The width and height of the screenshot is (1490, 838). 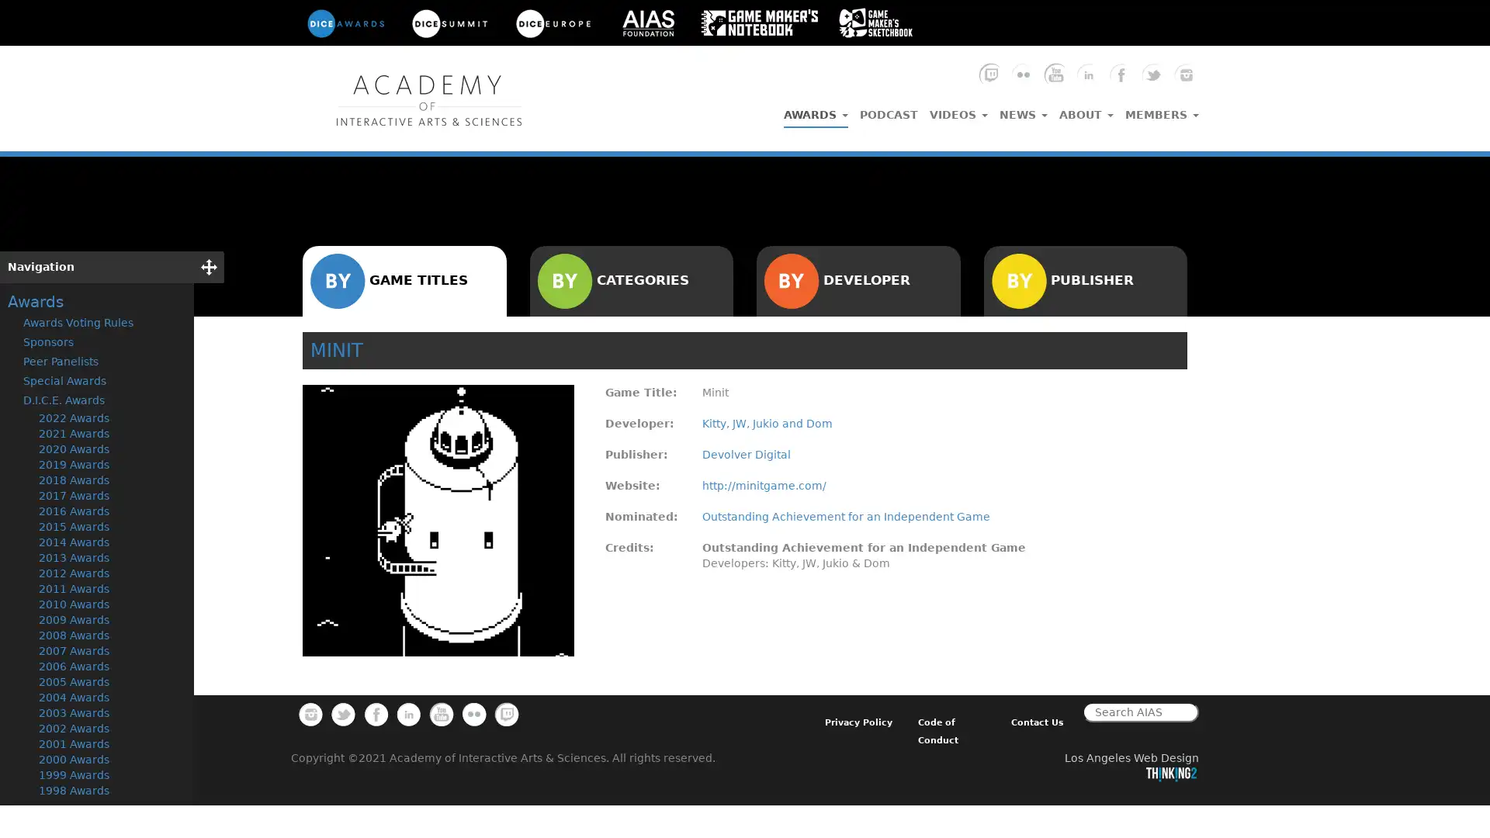 What do you see at coordinates (958, 109) in the screenshot?
I see `VIDEOS` at bounding box center [958, 109].